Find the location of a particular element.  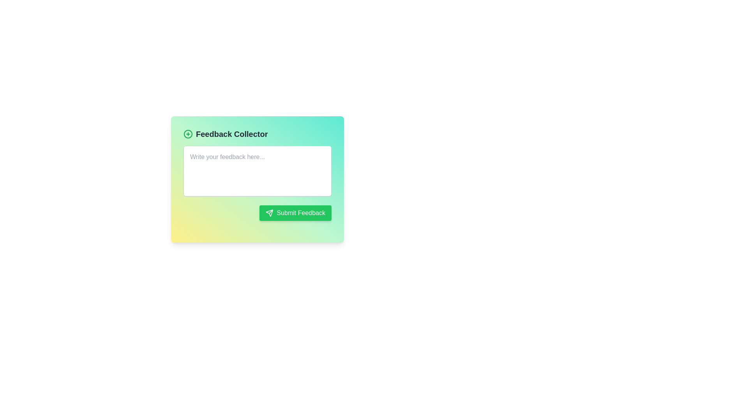

the send action icon located in the bottom-right corner of the 'Submit Feedback' button within the SVG component is located at coordinates (270, 213).